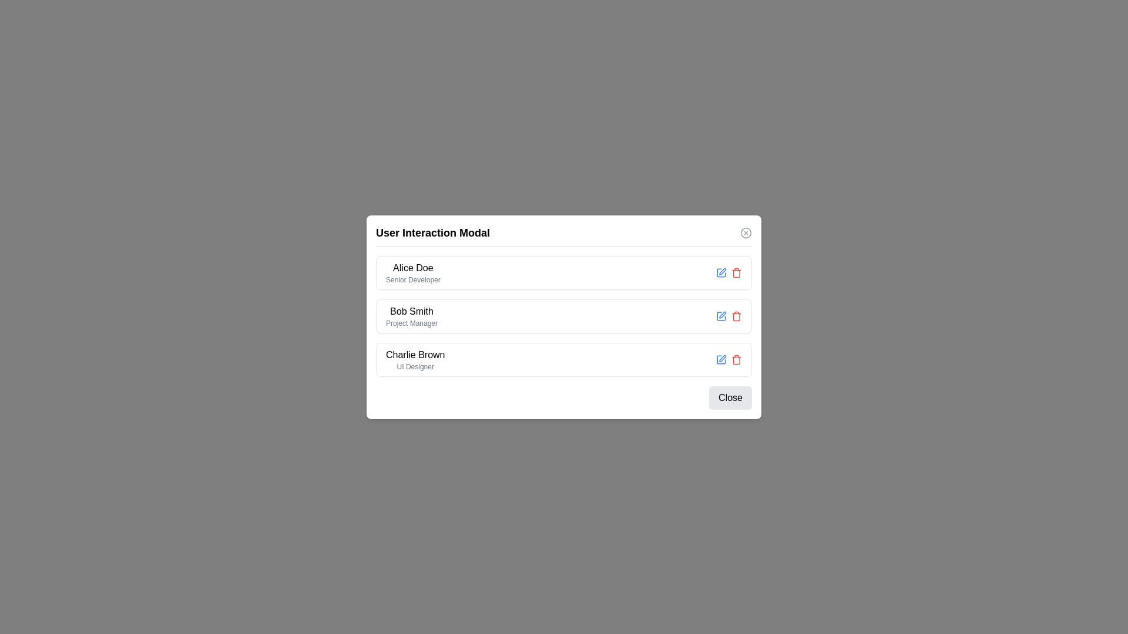  Describe the element at coordinates (411, 311) in the screenshot. I see `the text label displaying 'Bob Smith', which is located in a user interaction modal between 'Alice Doe' and 'Charlie Brown'` at that location.